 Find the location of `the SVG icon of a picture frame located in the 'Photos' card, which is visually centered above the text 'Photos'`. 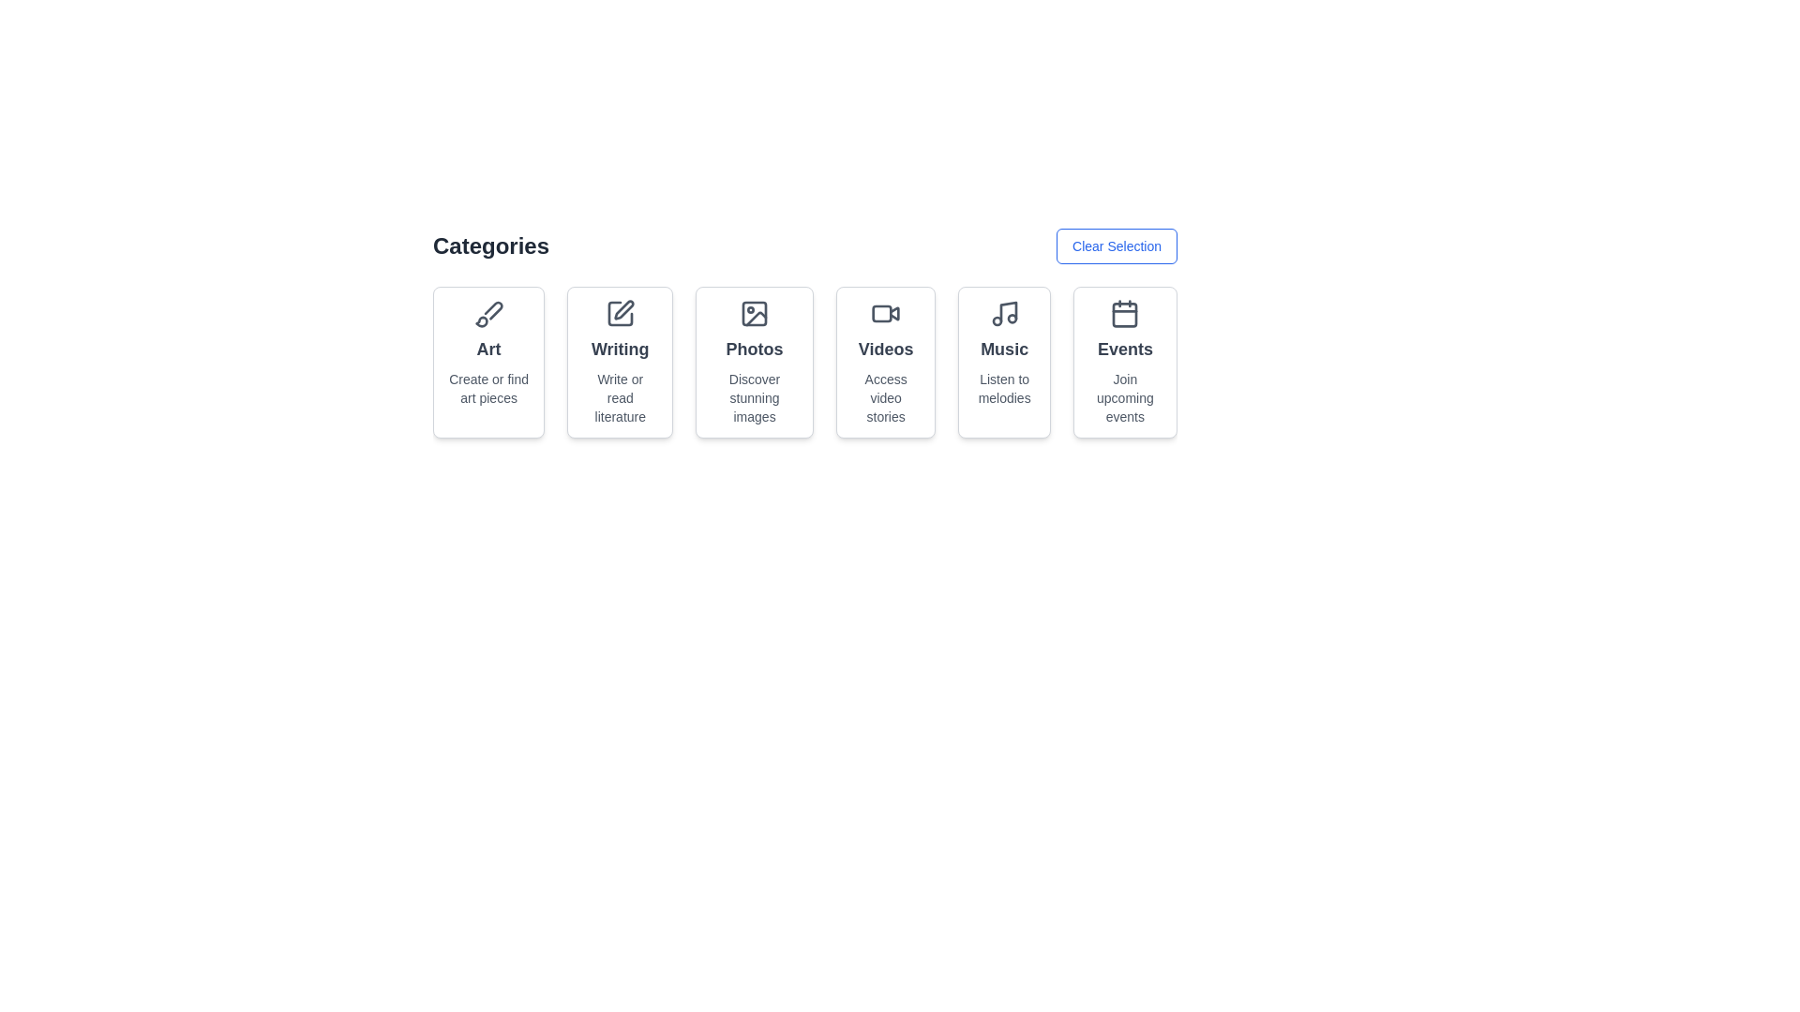

the SVG icon of a picture frame located in the 'Photos' card, which is visually centered above the text 'Photos' is located at coordinates (755, 313).